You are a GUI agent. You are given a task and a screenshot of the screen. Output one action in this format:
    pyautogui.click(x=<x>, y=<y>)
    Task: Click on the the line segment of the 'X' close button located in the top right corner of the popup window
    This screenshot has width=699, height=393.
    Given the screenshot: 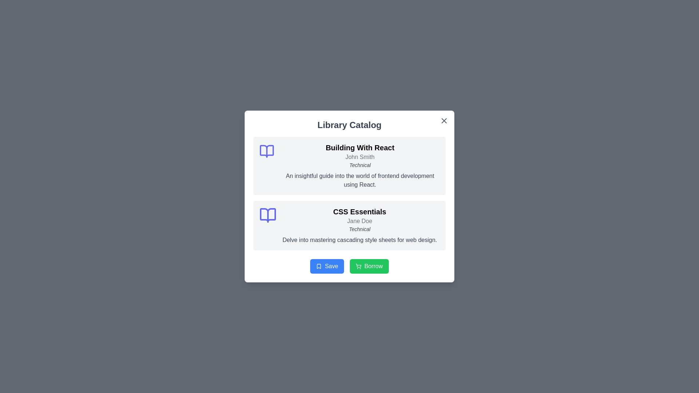 What is the action you would take?
    pyautogui.click(x=443, y=120)
    